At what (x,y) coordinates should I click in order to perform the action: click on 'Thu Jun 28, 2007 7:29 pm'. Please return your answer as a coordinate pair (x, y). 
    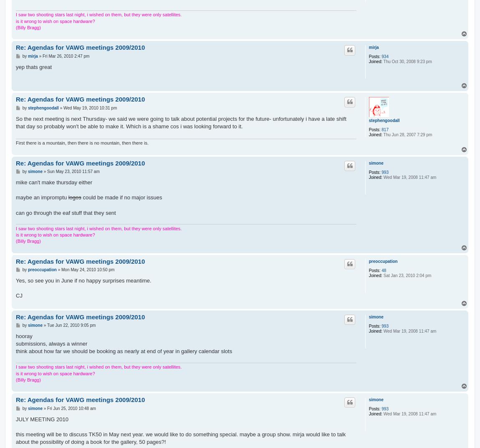
    Looking at the image, I should click on (407, 134).